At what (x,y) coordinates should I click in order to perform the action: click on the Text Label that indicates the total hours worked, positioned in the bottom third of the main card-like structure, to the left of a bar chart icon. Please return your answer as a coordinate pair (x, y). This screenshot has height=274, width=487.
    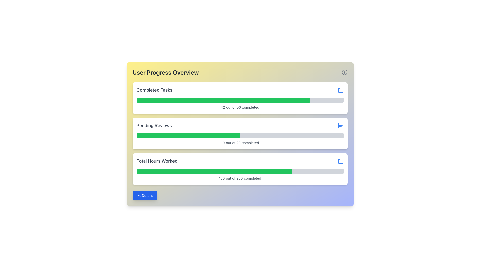
    Looking at the image, I should click on (157, 161).